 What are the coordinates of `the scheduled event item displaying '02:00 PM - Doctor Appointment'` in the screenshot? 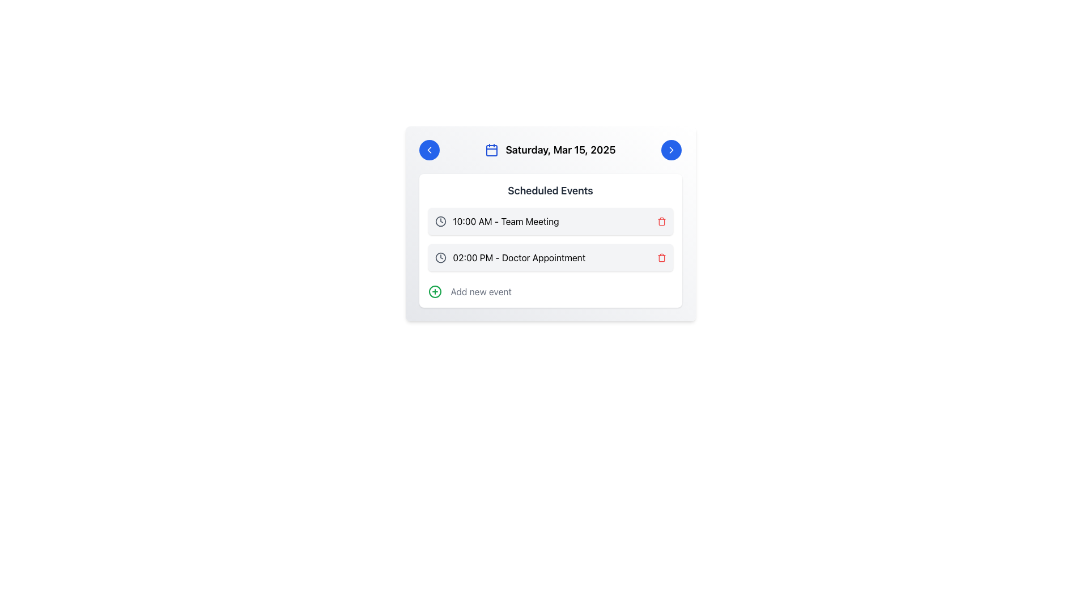 It's located at (509, 258).